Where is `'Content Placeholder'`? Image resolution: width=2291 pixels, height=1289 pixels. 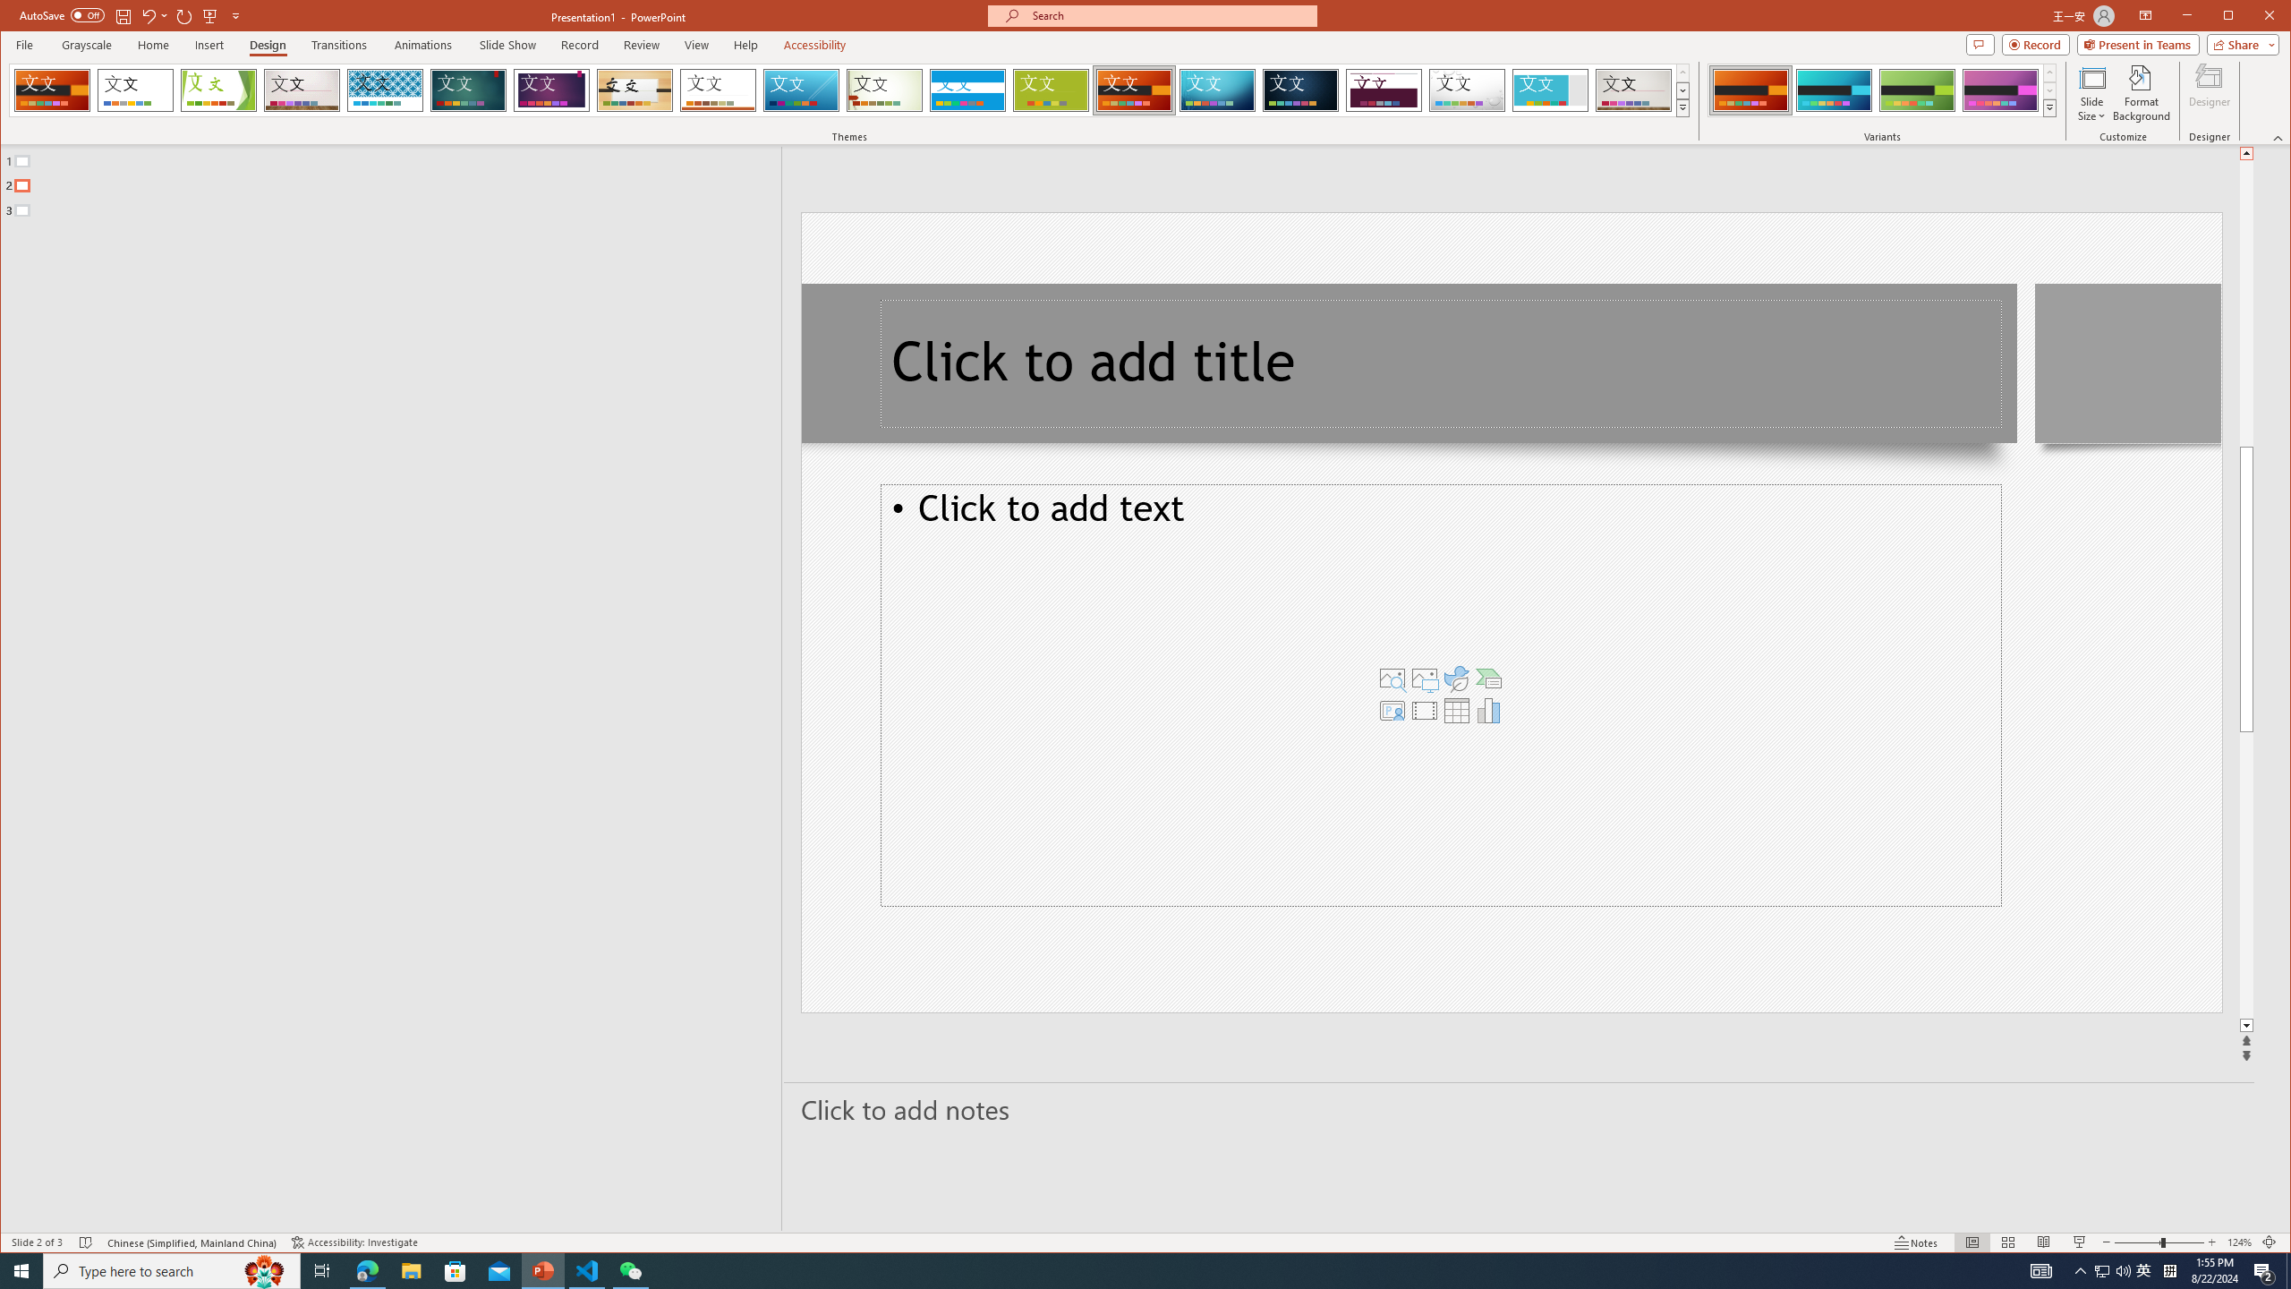 'Content Placeholder' is located at coordinates (1441, 694).